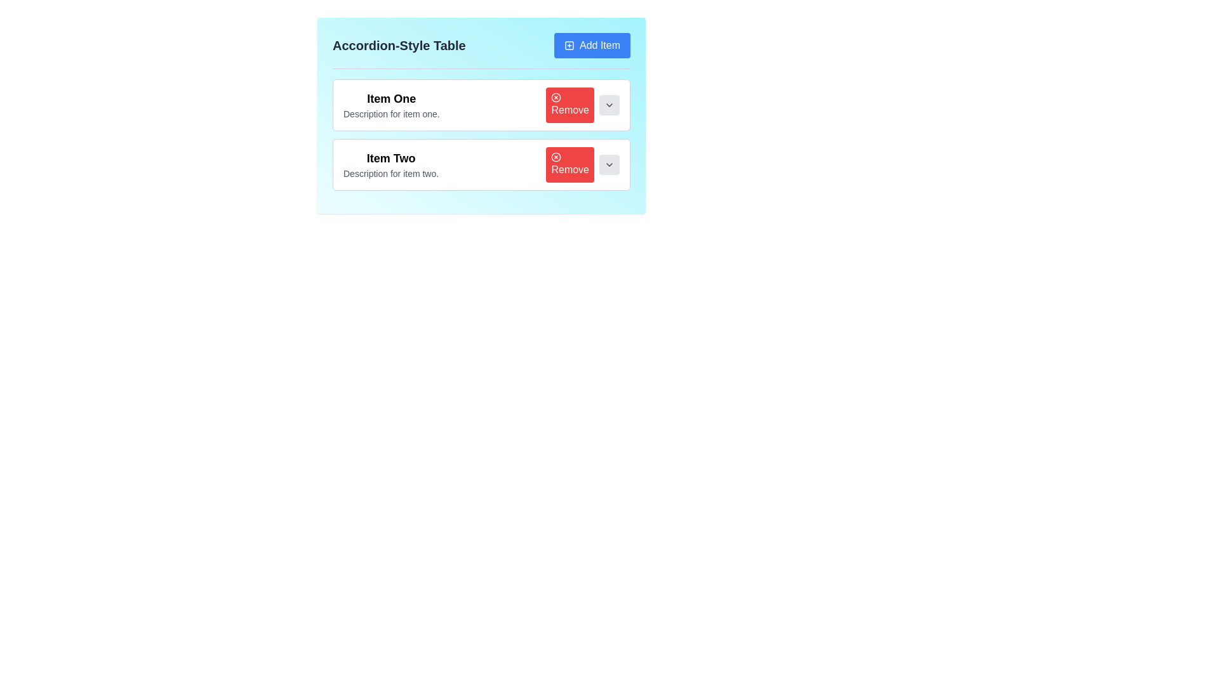 The image size is (1219, 685). What do you see at coordinates (390, 98) in the screenshot?
I see `the bold text label that reads 'Item One', which is prominently displayed at the top of the list structure above the descriptive text` at bounding box center [390, 98].